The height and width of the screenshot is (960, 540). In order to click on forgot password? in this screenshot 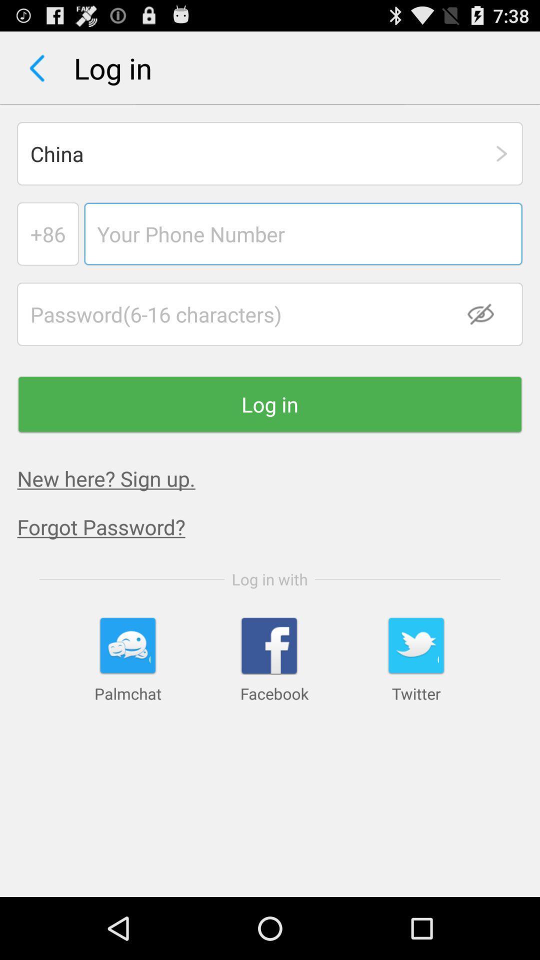, I will do `click(278, 526)`.